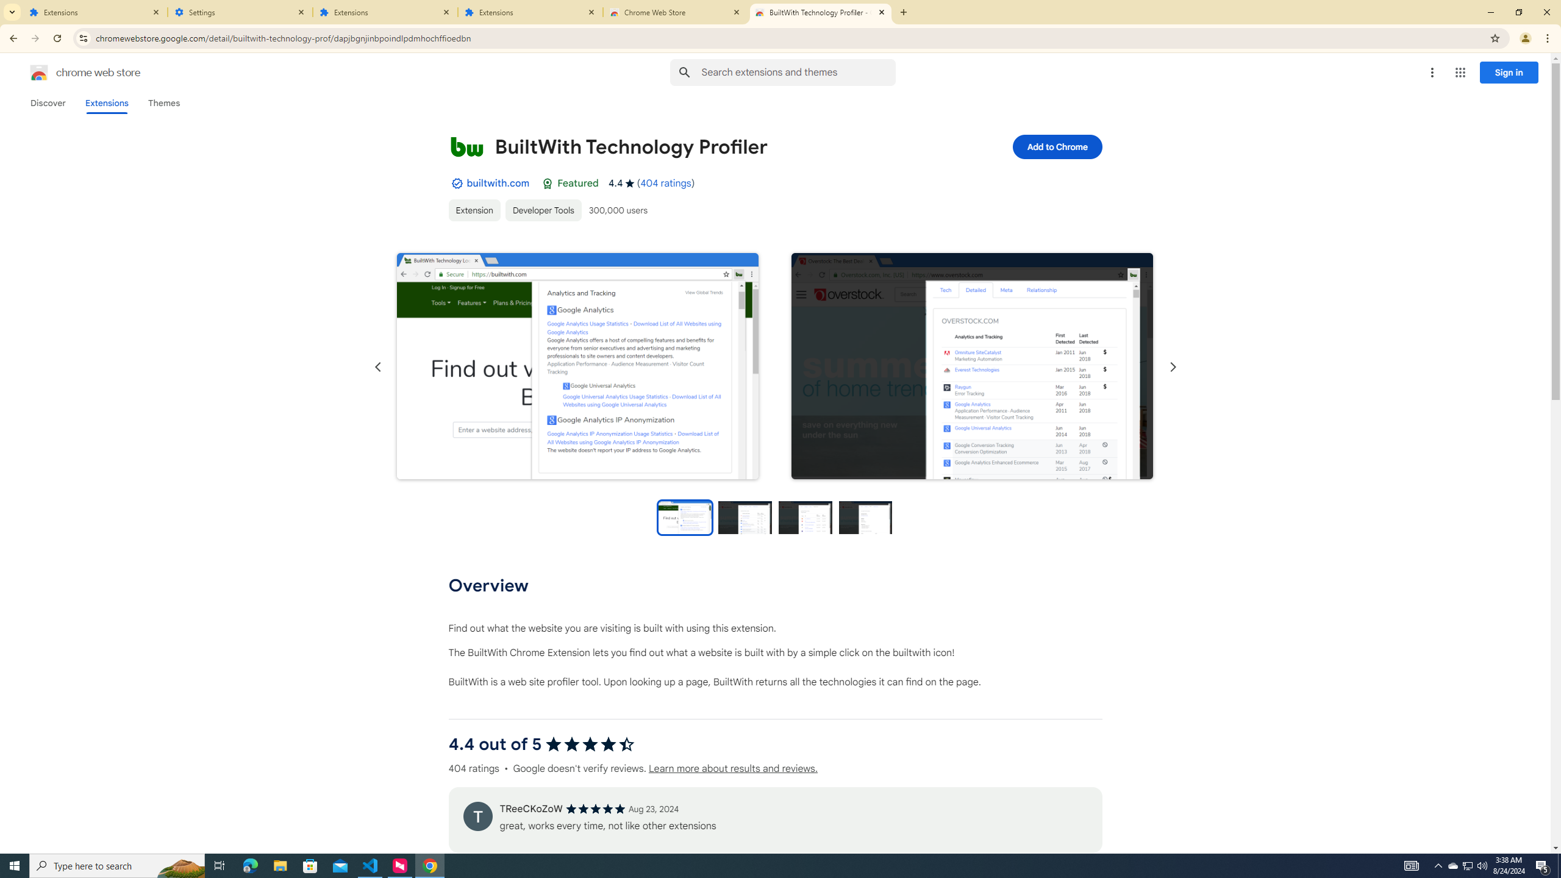 This screenshot has height=878, width=1561. What do you see at coordinates (95, 12) in the screenshot?
I see `'Extensions'` at bounding box center [95, 12].